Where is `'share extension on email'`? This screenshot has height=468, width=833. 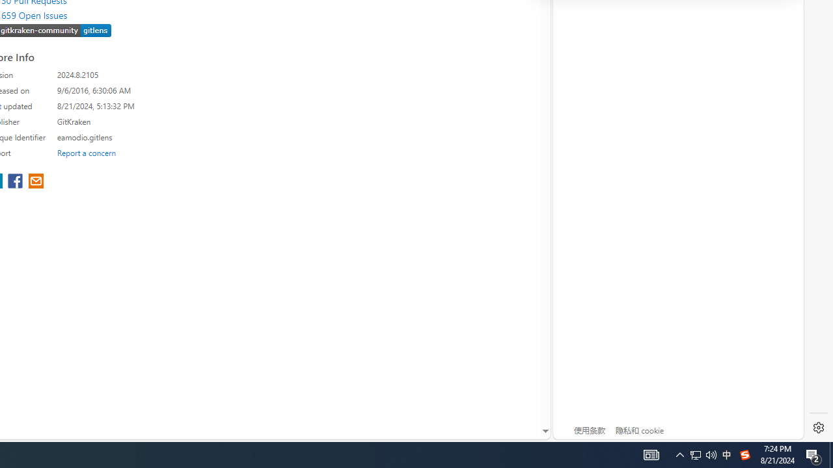
'share extension on email' is located at coordinates (36, 182).